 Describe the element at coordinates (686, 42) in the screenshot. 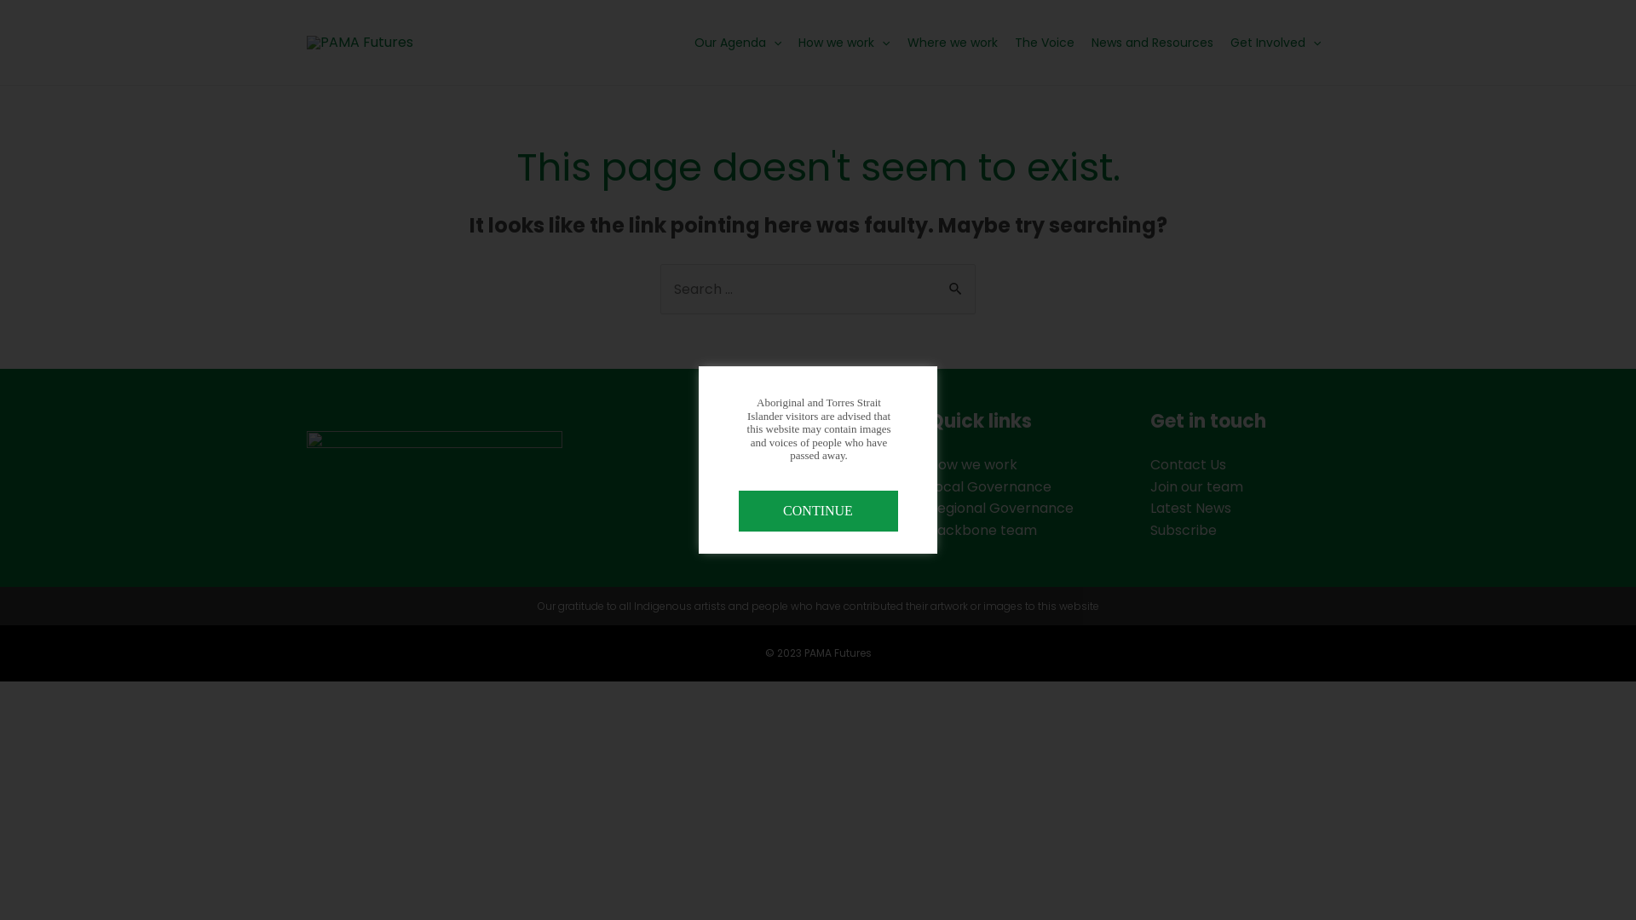

I see `'Our Agenda'` at that location.